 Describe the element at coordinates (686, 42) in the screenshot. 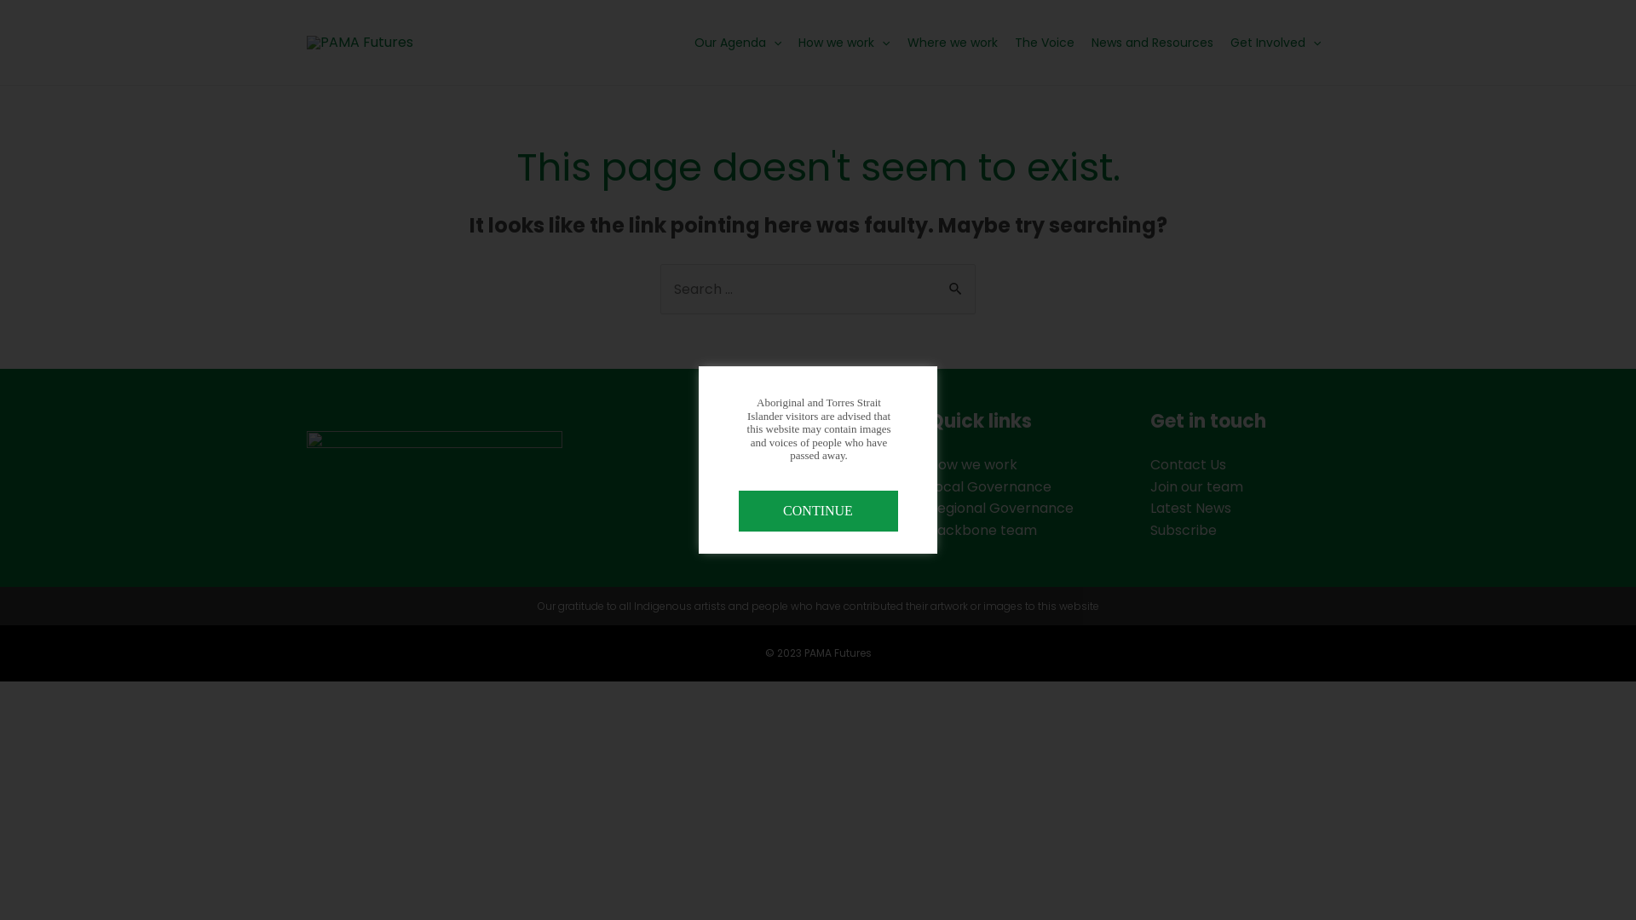

I see `'Our Agenda'` at that location.